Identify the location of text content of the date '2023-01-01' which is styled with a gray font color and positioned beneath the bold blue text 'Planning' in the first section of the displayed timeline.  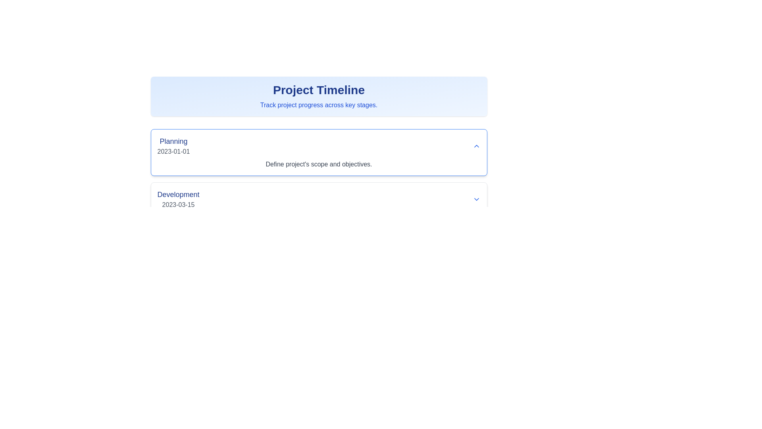
(173, 151).